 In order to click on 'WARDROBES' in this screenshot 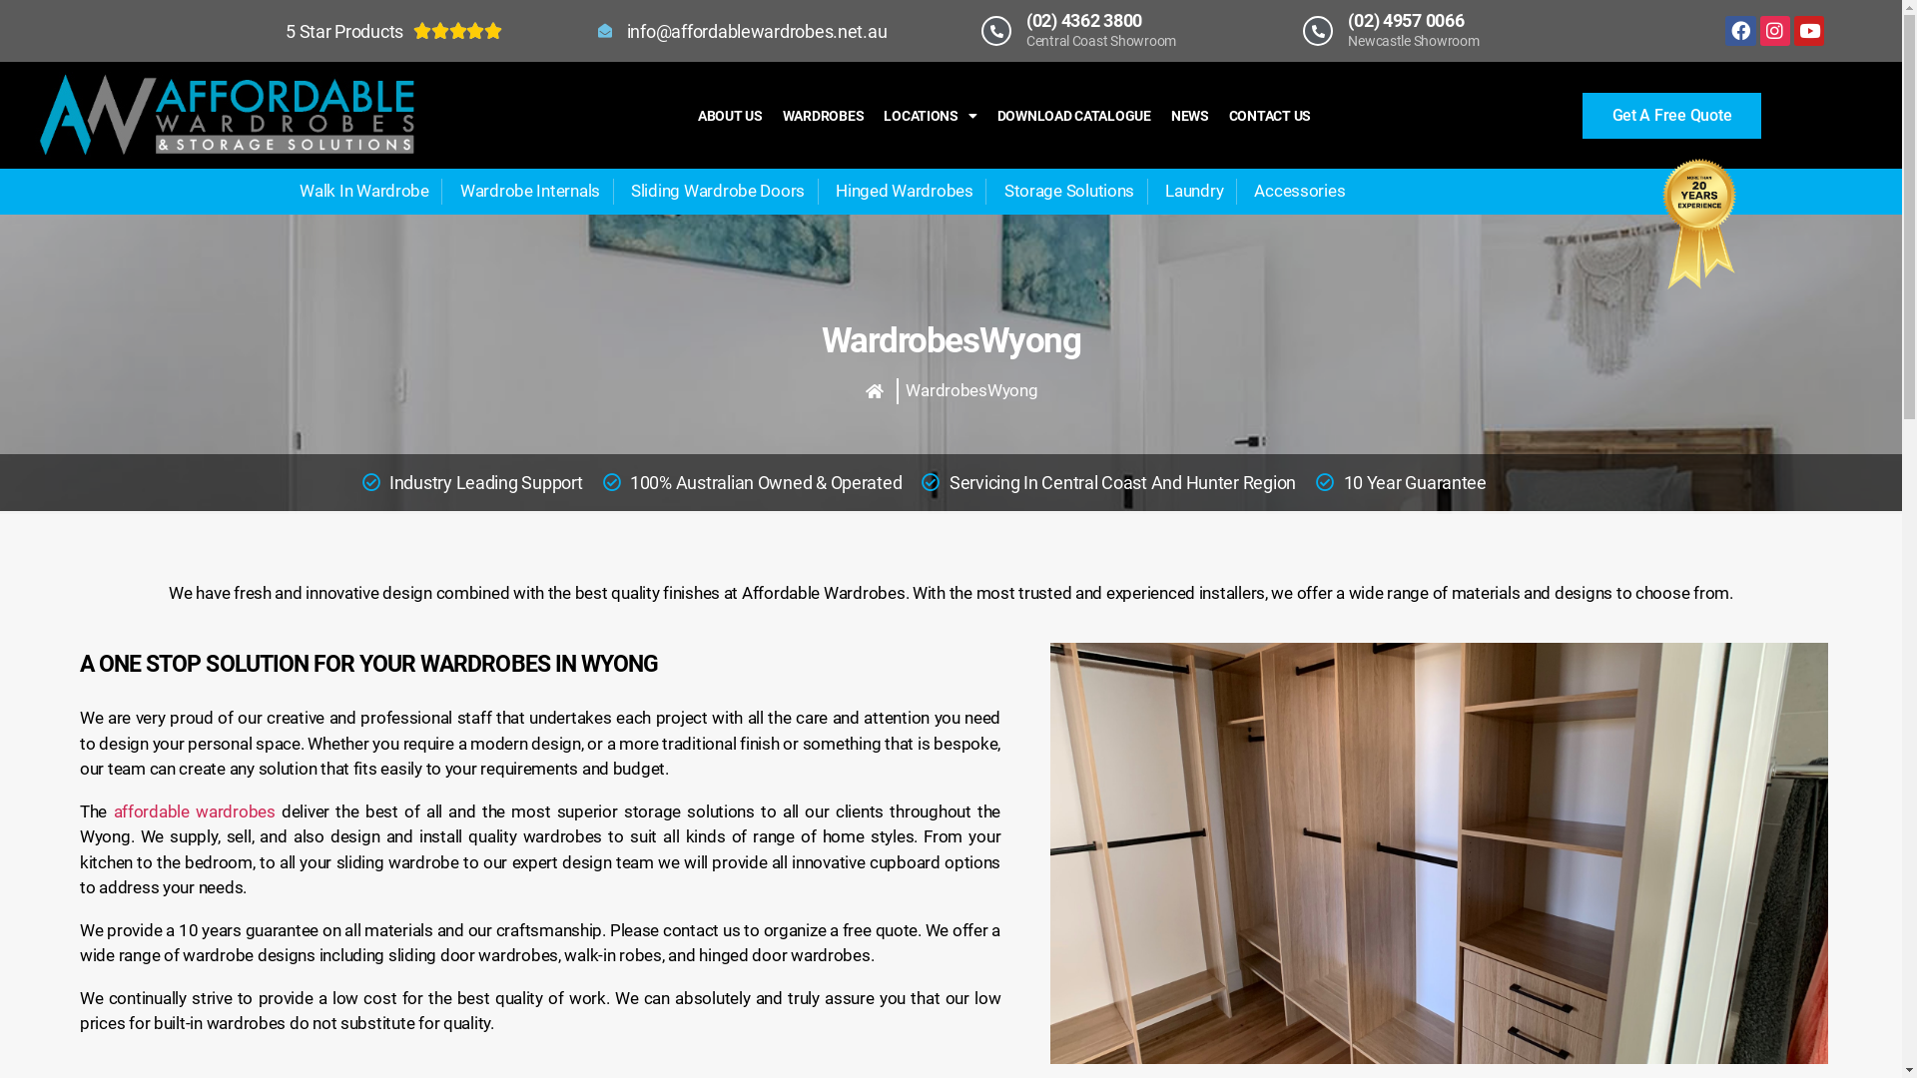, I will do `click(771, 115)`.